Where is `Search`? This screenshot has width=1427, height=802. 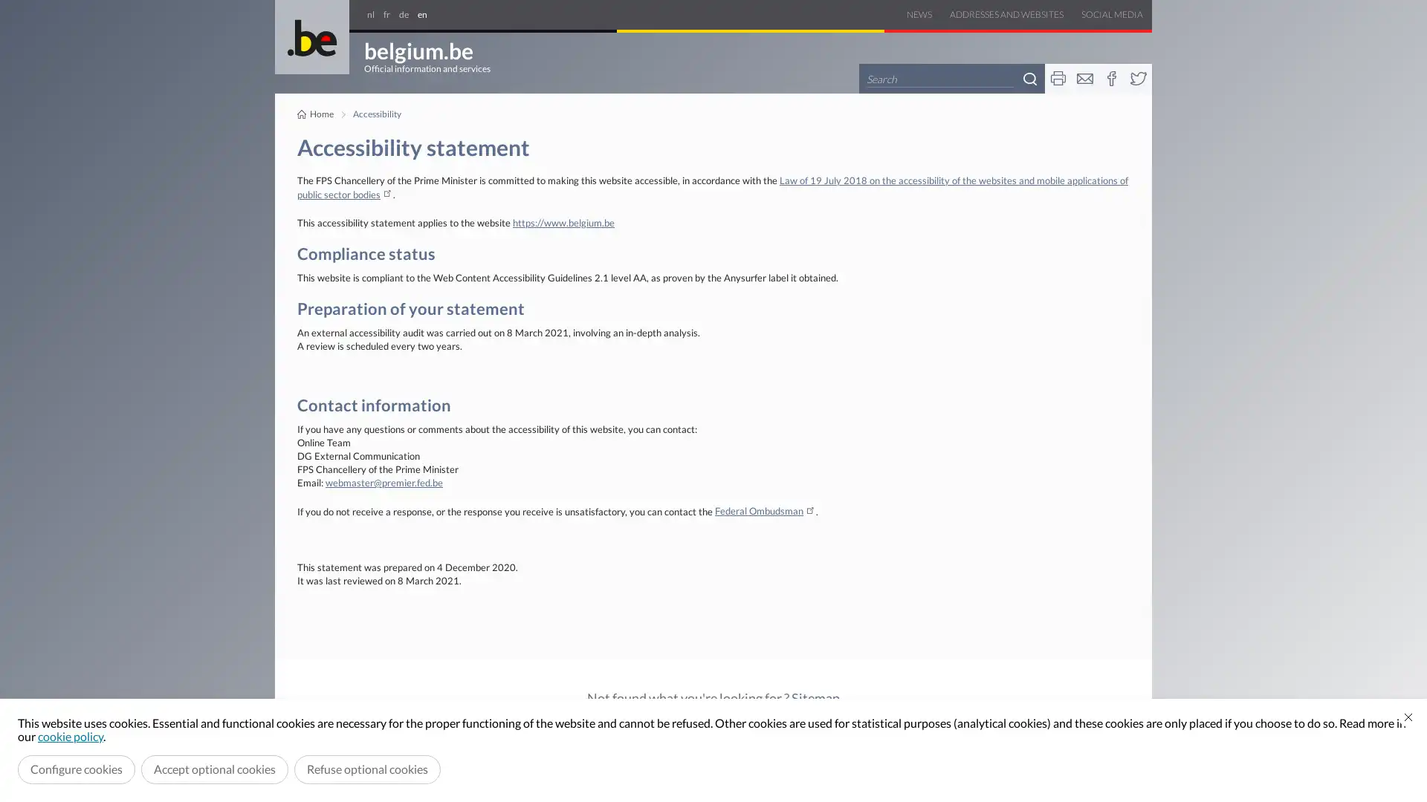 Search is located at coordinates (1029, 78).